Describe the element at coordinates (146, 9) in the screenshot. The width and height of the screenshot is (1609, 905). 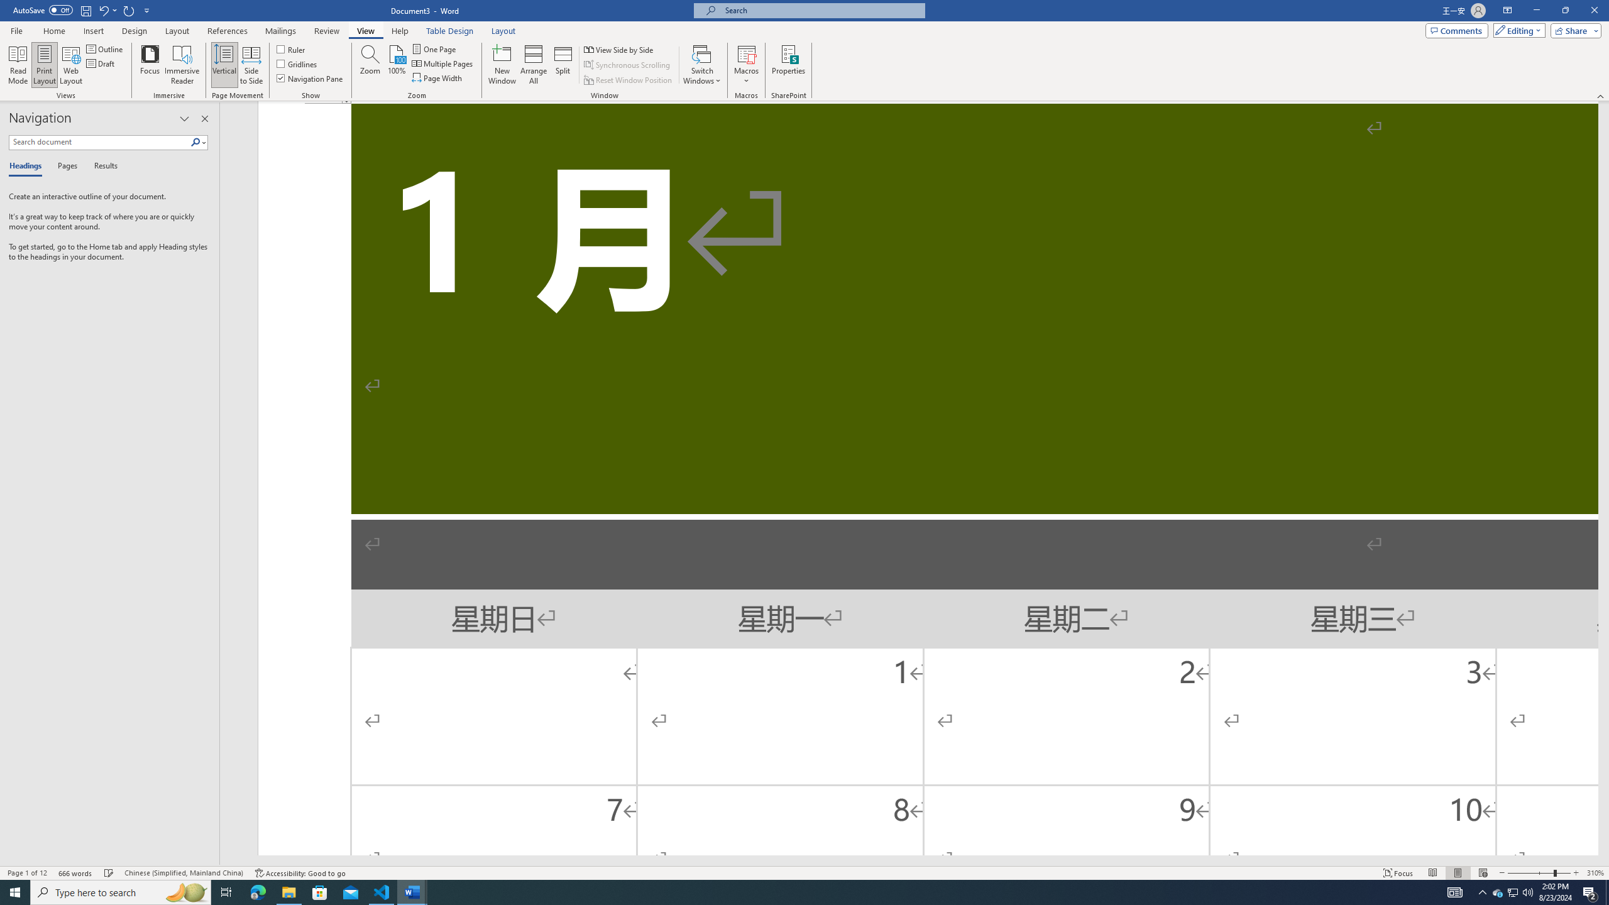
I see `'Customize Quick Access Toolbar'` at that location.